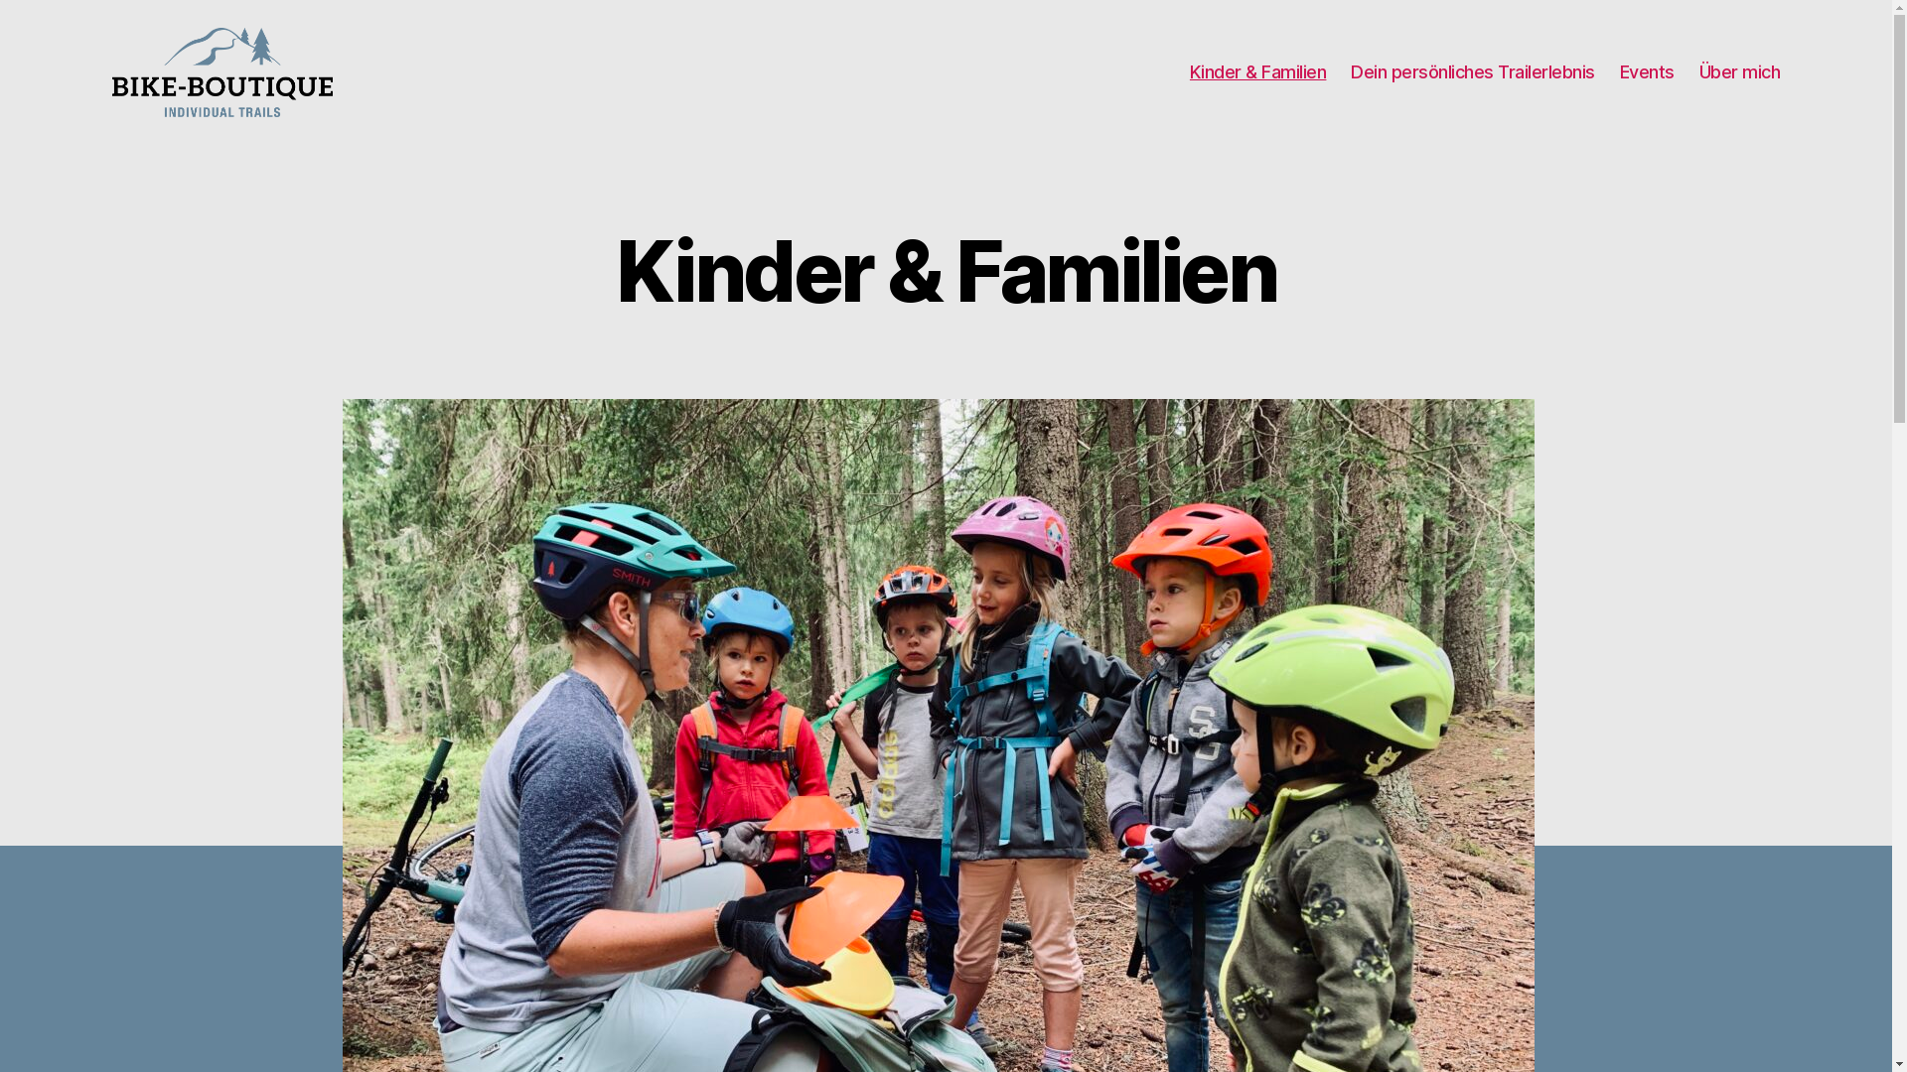 The width and height of the screenshot is (1907, 1072). What do you see at coordinates (1620, 71) in the screenshot?
I see `'Events'` at bounding box center [1620, 71].